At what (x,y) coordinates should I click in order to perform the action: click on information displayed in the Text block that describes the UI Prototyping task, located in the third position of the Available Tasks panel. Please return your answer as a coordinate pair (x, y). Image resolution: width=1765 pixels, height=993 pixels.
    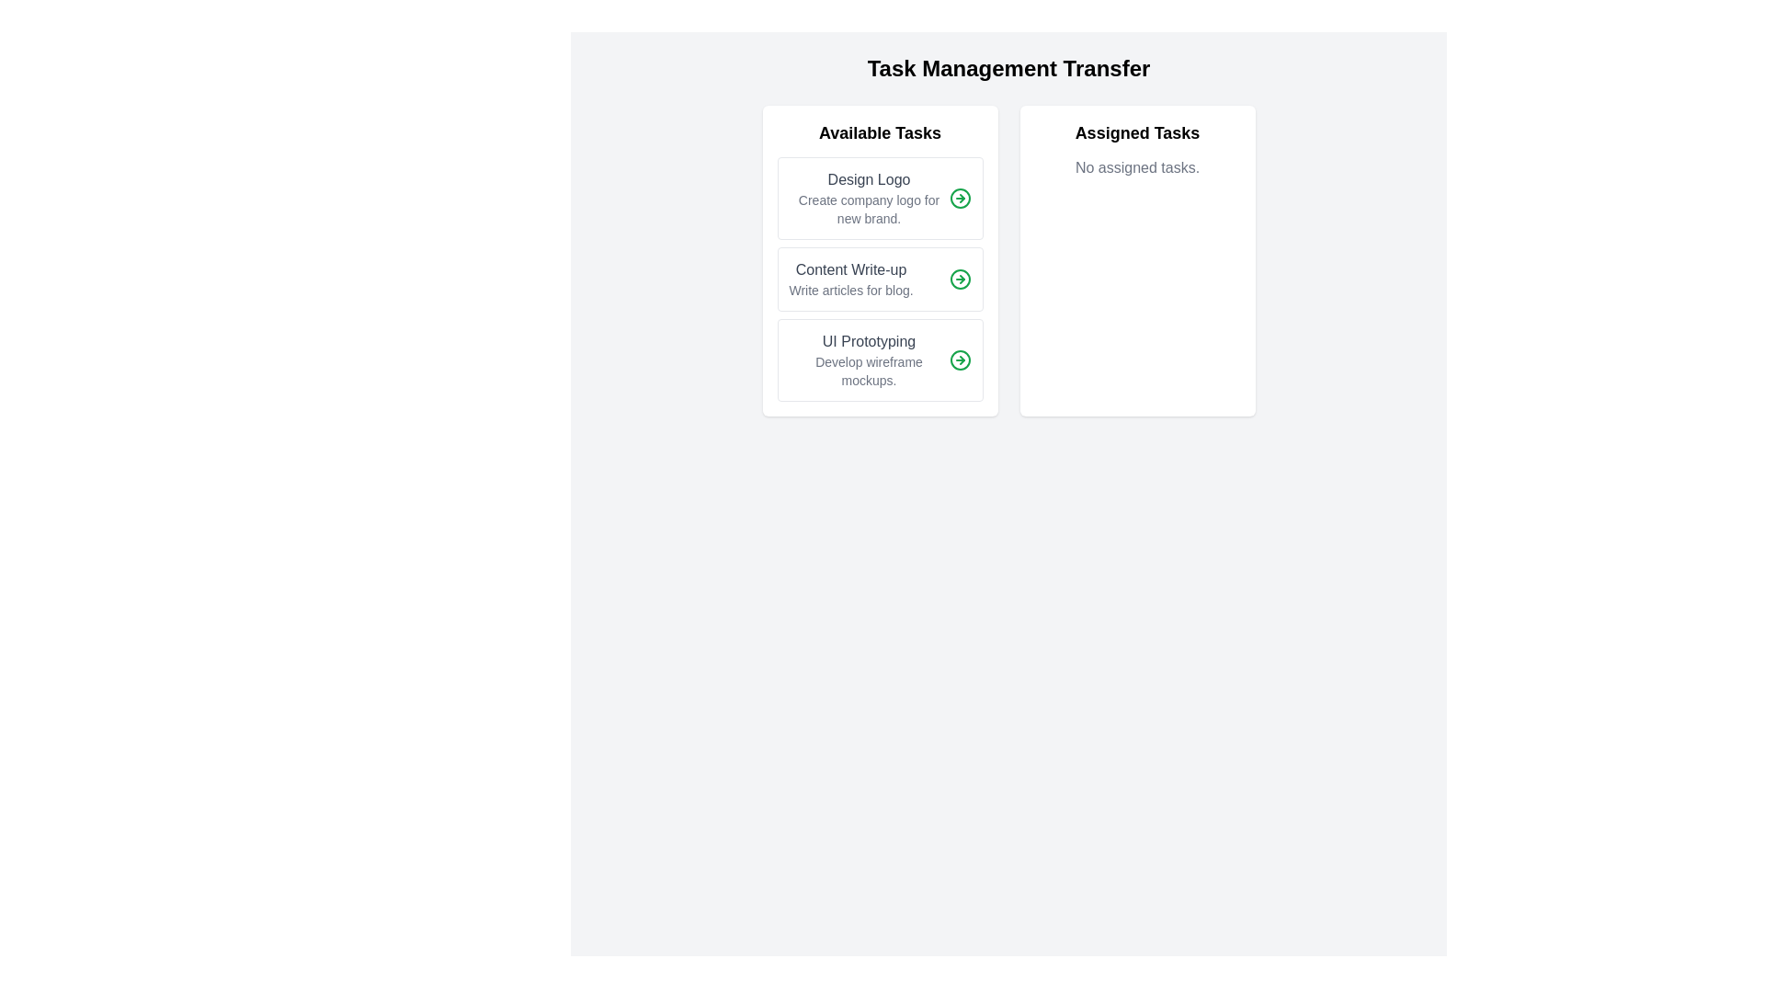
    Looking at the image, I should click on (868, 360).